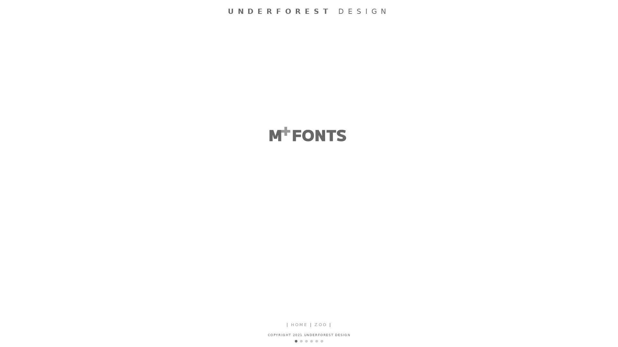 This screenshot has width=618, height=347. I want to click on Go to slide 4, so click(312, 341).